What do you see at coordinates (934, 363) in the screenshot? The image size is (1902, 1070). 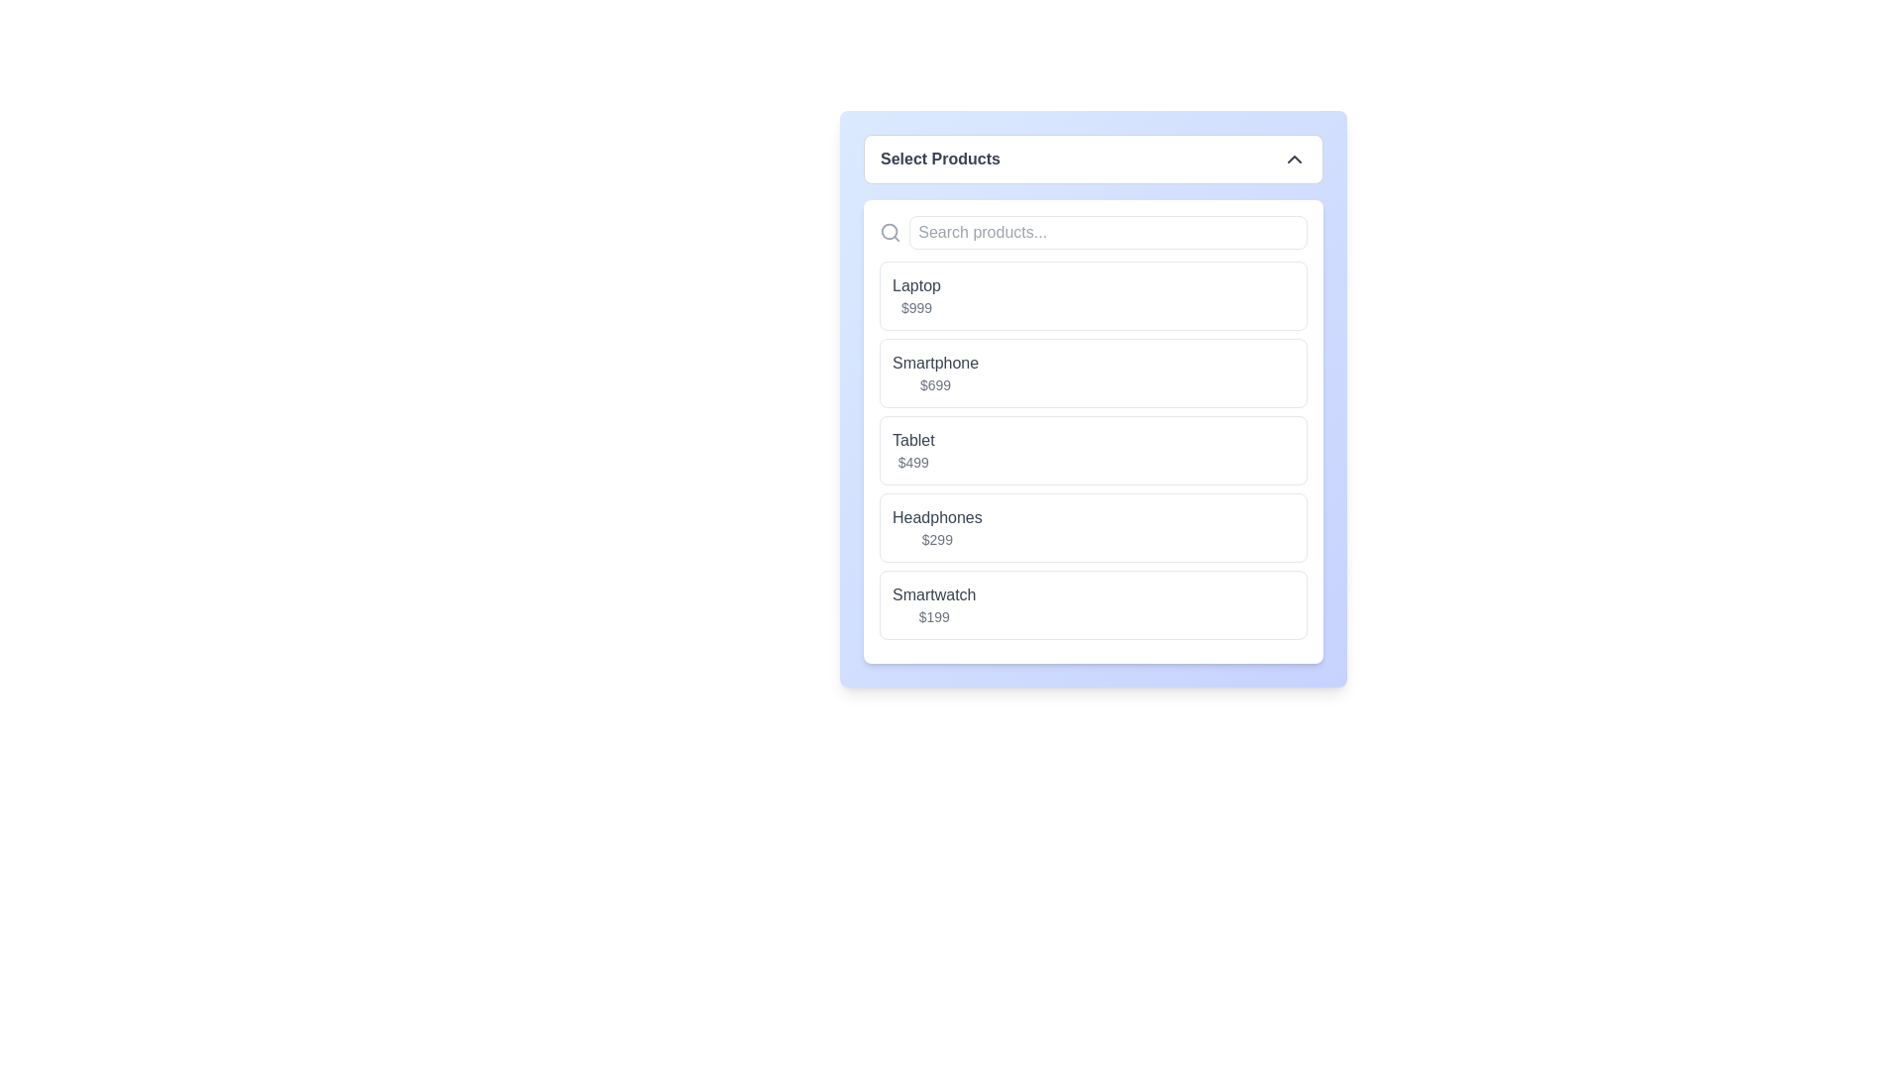 I see `the product name label that is the second item in the list under 'Laptop', which displays the product name` at bounding box center [934, 363].